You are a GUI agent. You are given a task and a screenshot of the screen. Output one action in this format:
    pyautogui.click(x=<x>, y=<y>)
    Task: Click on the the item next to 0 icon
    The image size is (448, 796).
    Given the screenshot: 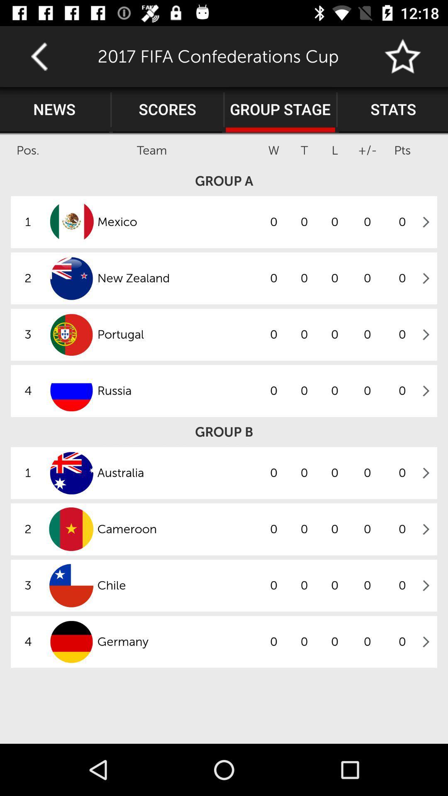 What is the action you would take?
    pyautogui.click(x=177, y=585)
    